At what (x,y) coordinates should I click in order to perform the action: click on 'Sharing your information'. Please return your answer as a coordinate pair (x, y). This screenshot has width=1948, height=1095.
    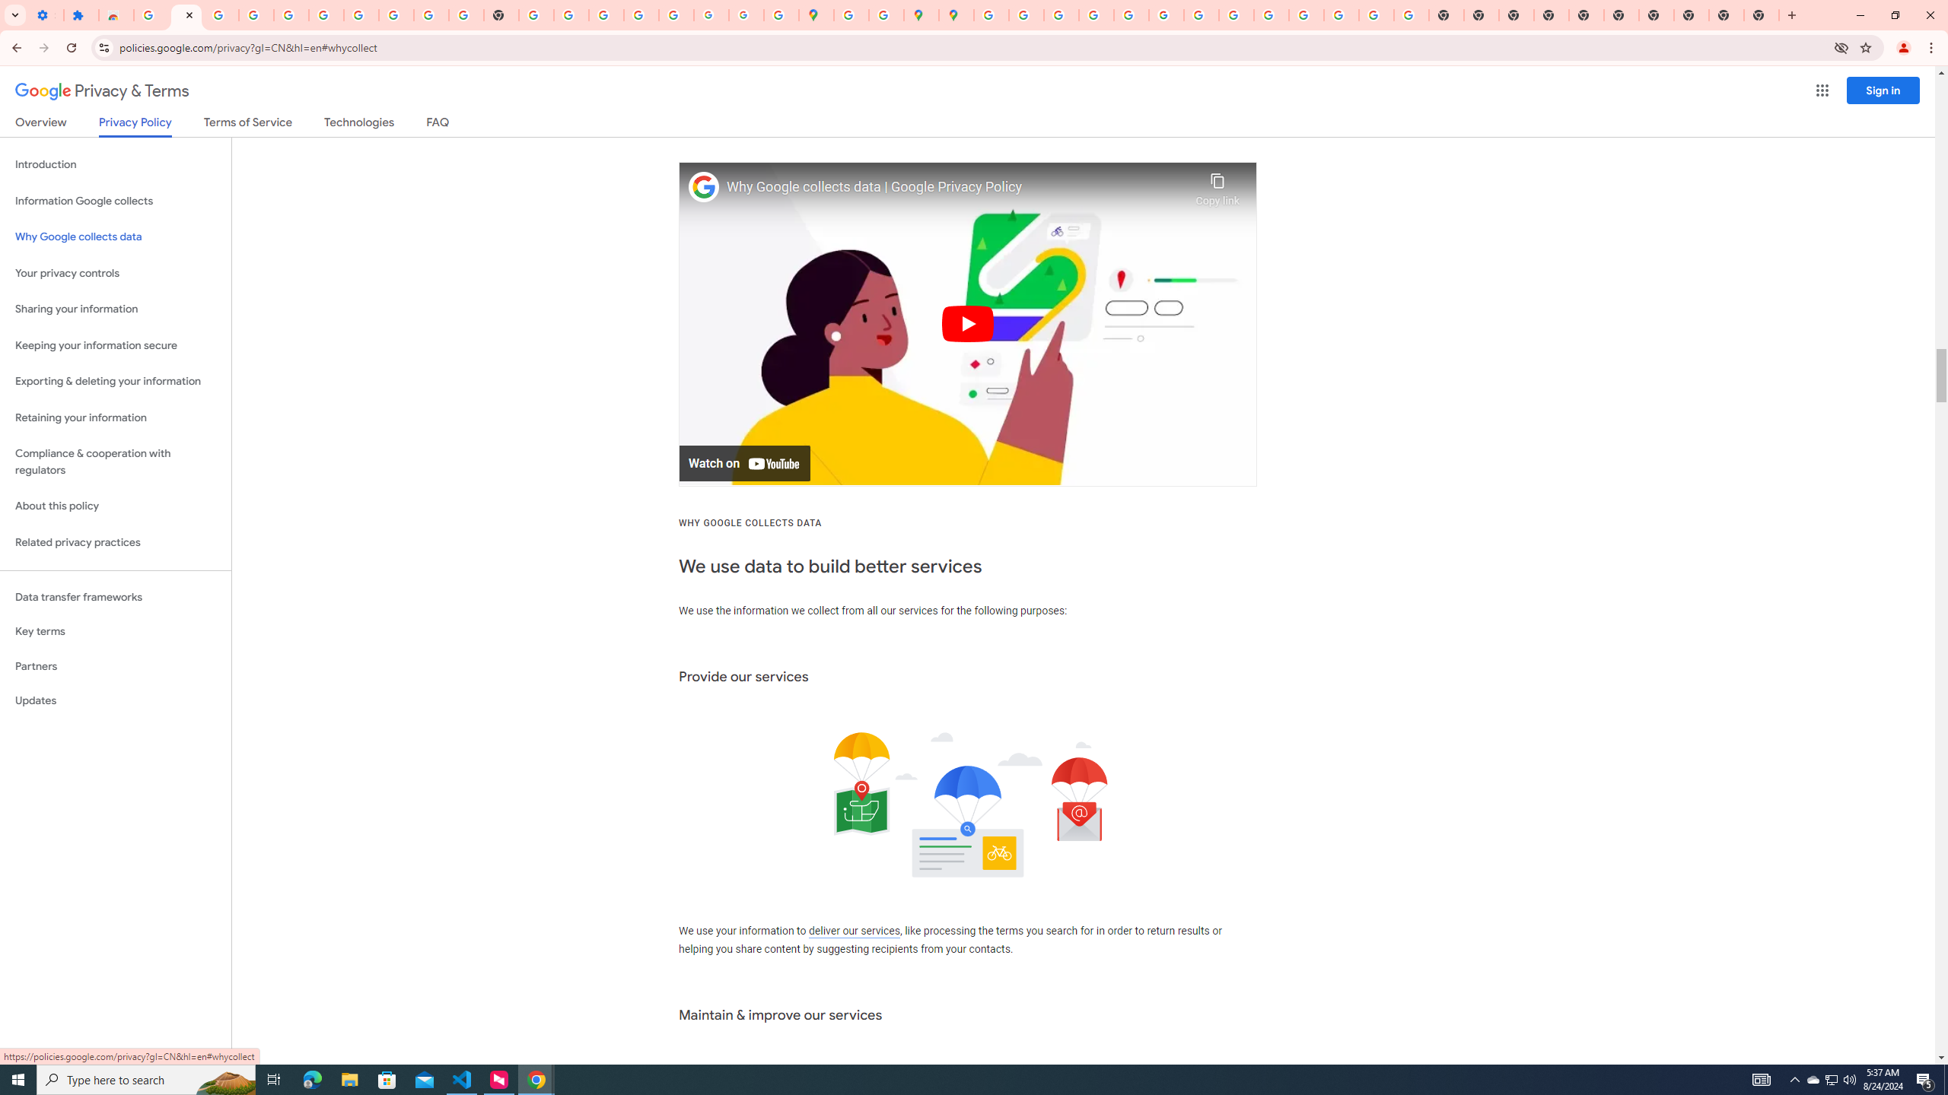
    Looking at the image, I should click on (115, 308).